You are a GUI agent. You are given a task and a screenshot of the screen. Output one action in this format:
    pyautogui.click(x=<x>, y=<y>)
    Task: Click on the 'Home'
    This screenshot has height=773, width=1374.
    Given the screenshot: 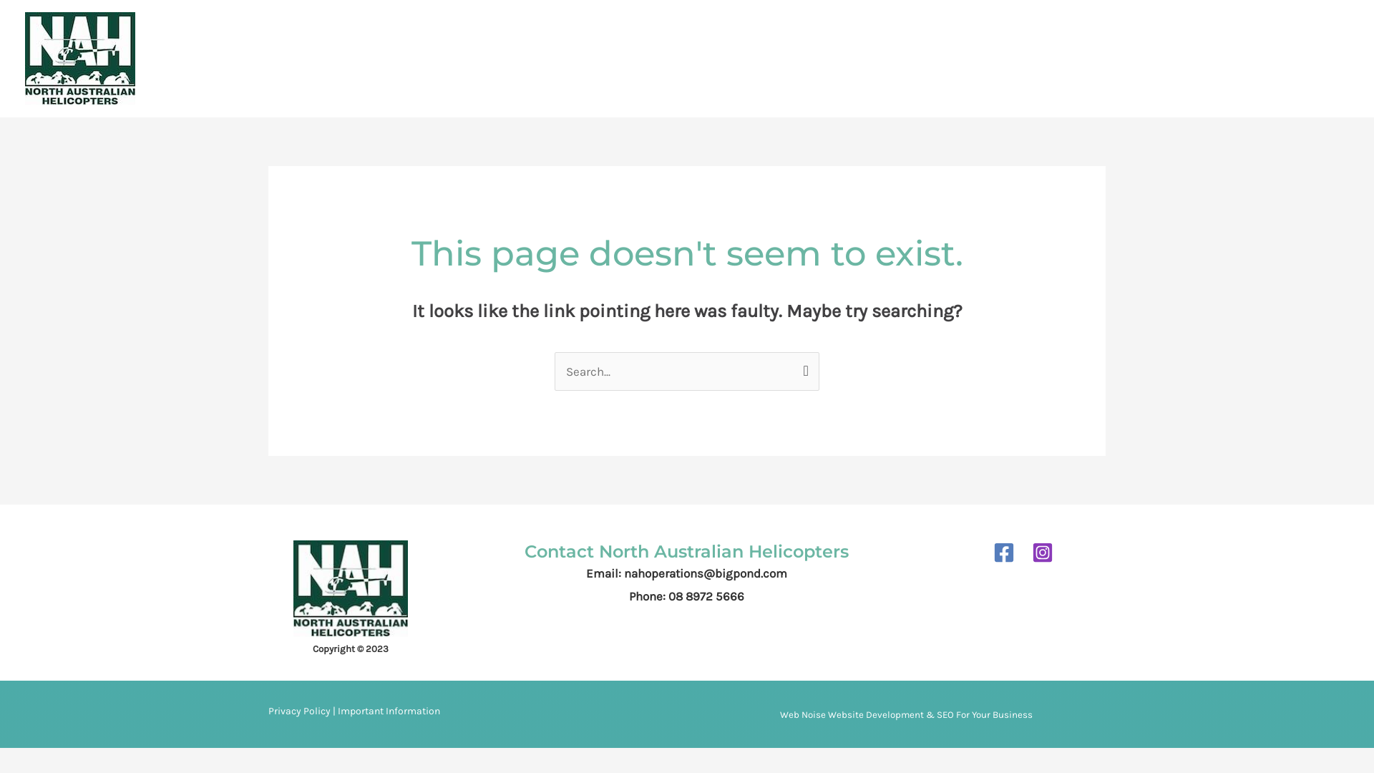 What is the action you would take?
    pyautogui.click(x=763, y=57)
    